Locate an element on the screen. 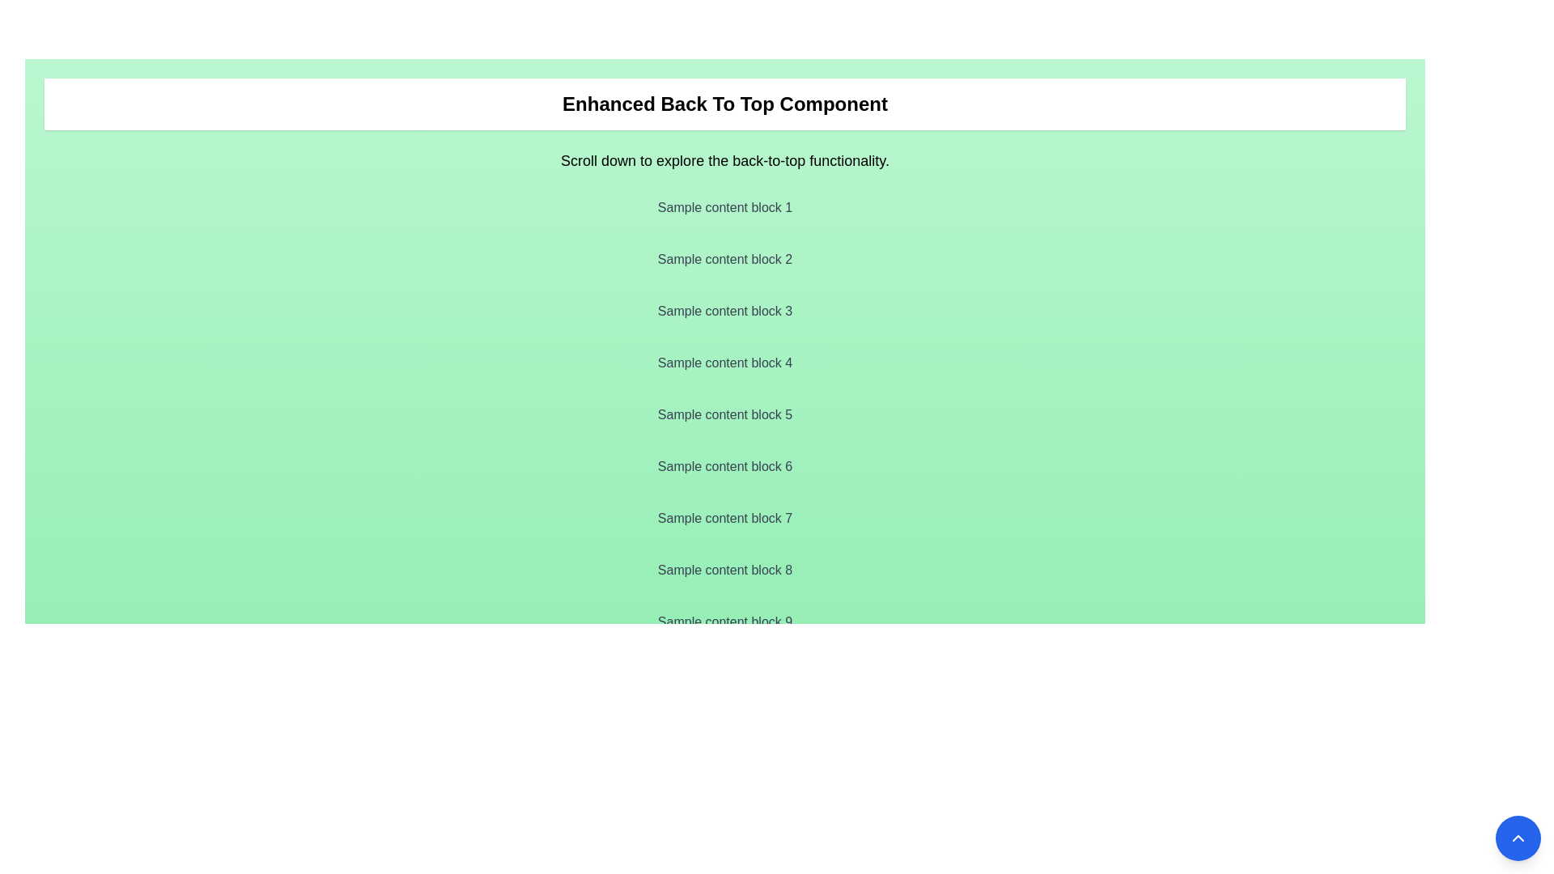  the sixth text content block in the vertical list is located at coordinates (724, 467).